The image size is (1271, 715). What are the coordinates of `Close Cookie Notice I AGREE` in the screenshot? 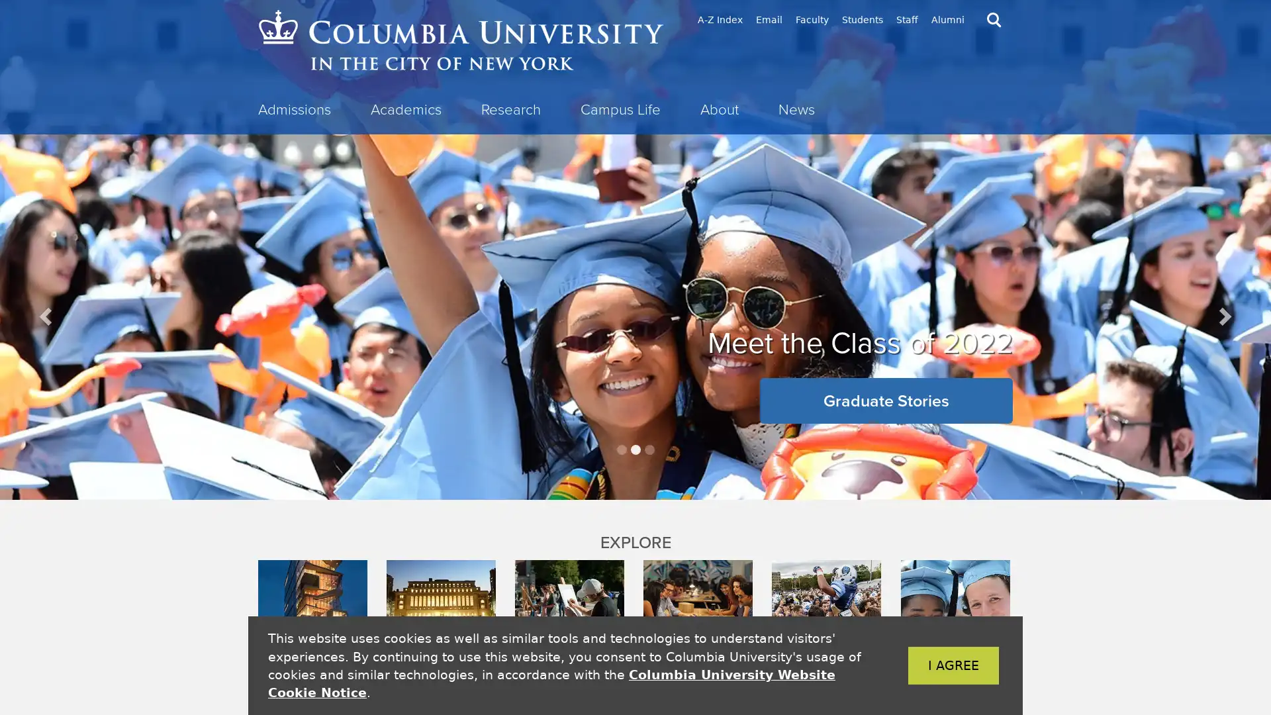 It's located at (933, 665).